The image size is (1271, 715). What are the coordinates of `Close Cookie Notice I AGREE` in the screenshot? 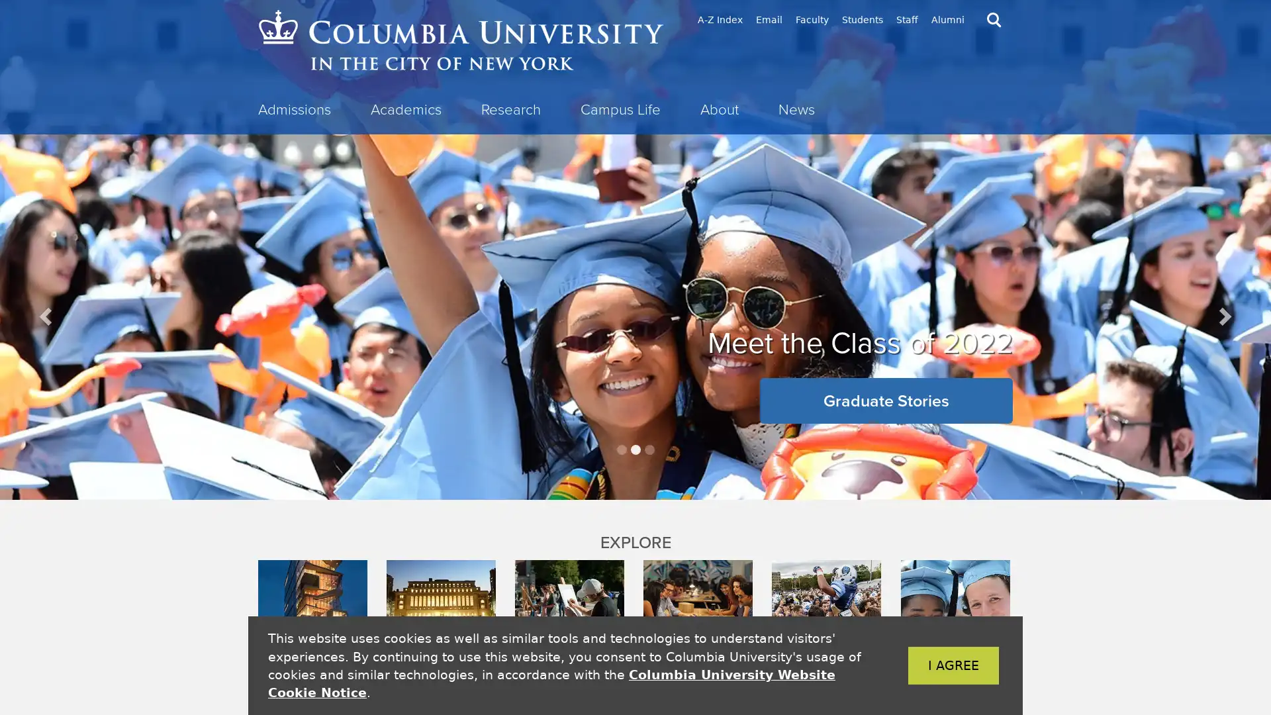 It's located at (933, 665).